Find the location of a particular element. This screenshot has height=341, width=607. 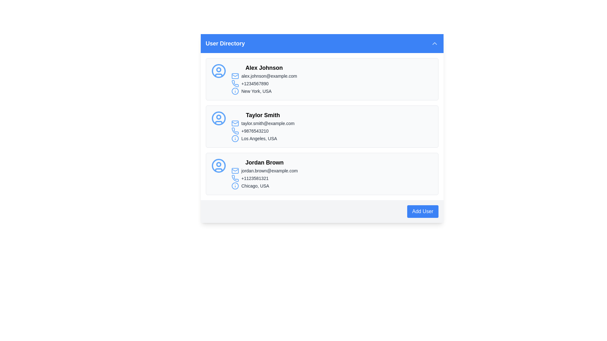

the minimalist envelope icon indicating the email address of Taylor Smith, located next to 'taylor.smith@example.com' is located at coordinates (235, 123).